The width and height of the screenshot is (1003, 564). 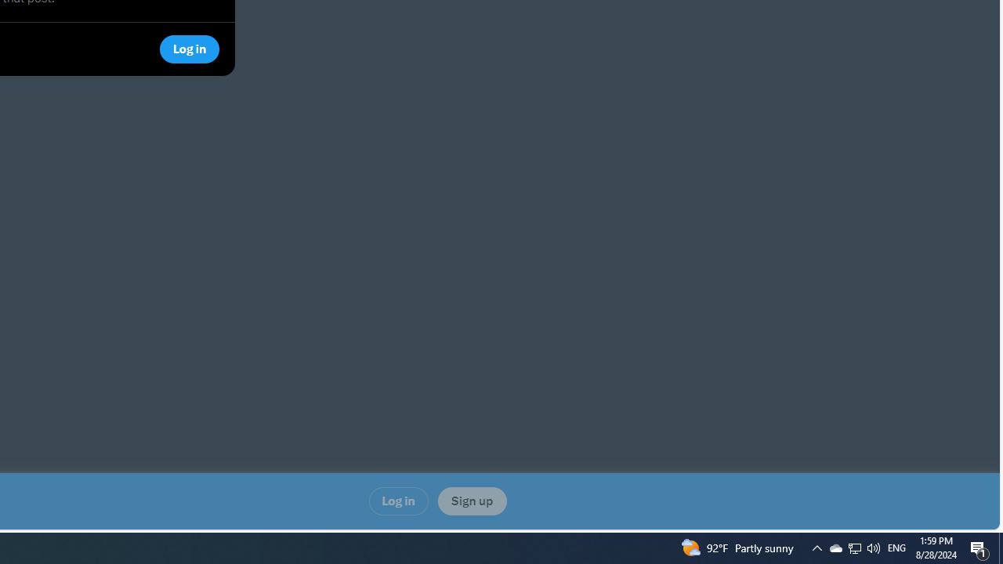 What do you see at coordinates (398, 501) in the screenshot?
I see `'Log in'` at bounding box center [398, 501].